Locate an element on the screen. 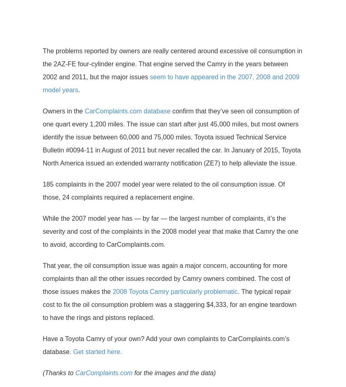 The height and width of the screenshot is (387, 346). '(Thanks to' is located at coordinates (59, 373).